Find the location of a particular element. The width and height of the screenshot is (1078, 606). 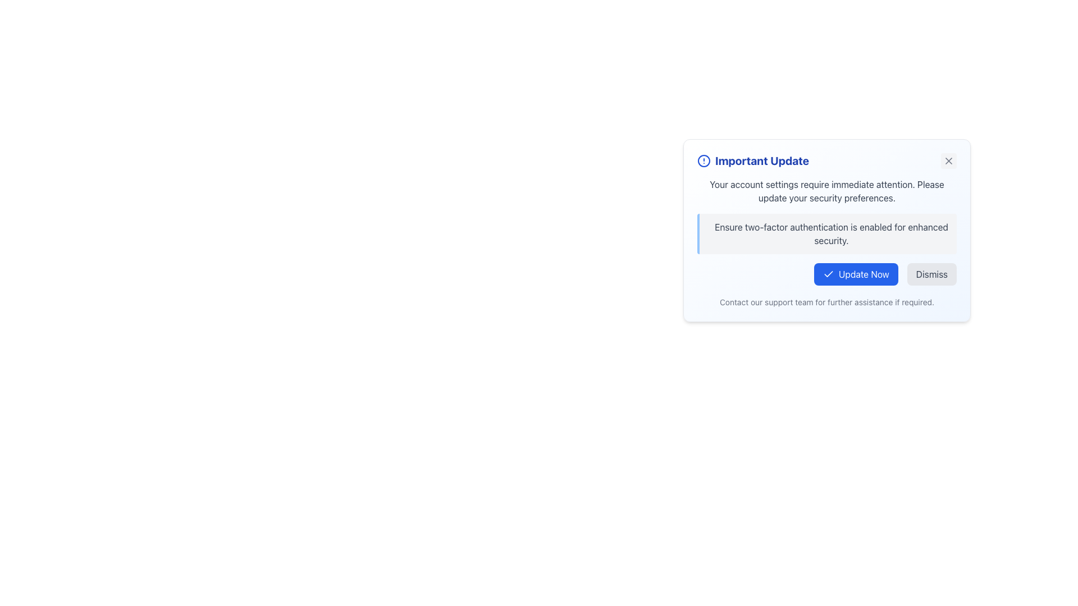

text component displaying 'Ensure two-factor authentication is enabled for enhanced security.' within the informational card UI, which is centrally placed beneath the heading 'Important Update' is located at coordinates (832, 233).